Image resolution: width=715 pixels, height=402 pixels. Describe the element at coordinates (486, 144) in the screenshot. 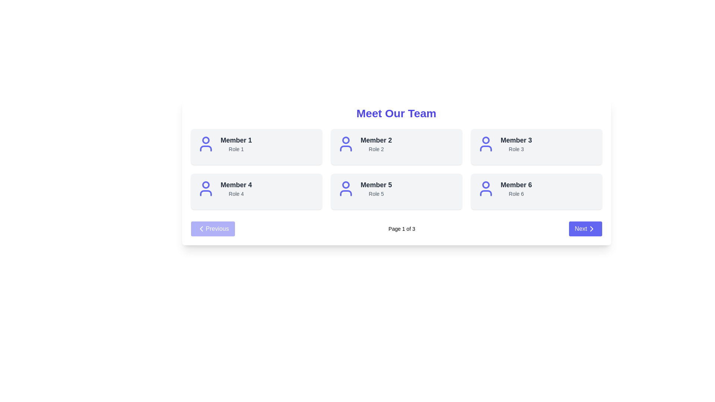

I see `the icon representing Member 3 in the team member card layout` at that location.